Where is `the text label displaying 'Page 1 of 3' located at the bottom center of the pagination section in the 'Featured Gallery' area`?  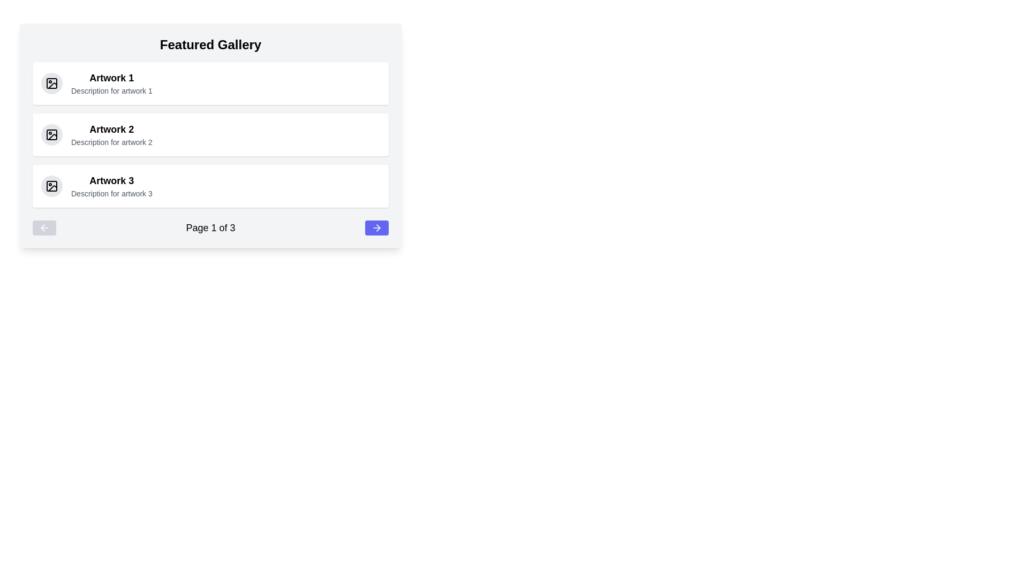 the text label displaying 'Page 1 of 3' located at the bottom center of the pagination section in the 'Featured Gallery' area is located at coordinates (210, 227).